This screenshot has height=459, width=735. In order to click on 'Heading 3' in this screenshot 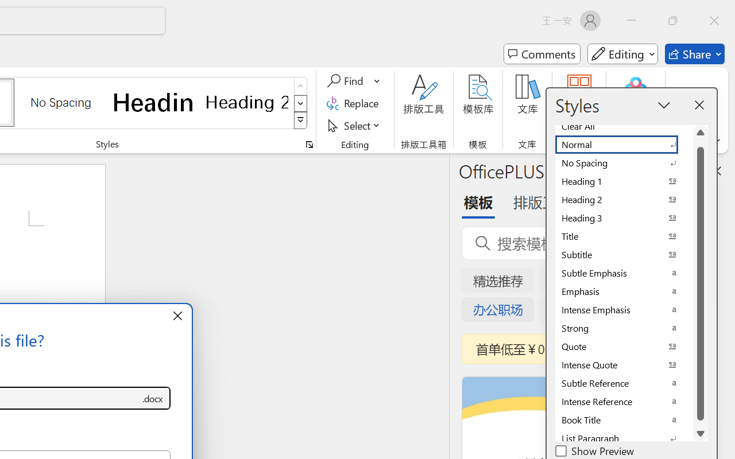, I will do `click(623, 217)`.